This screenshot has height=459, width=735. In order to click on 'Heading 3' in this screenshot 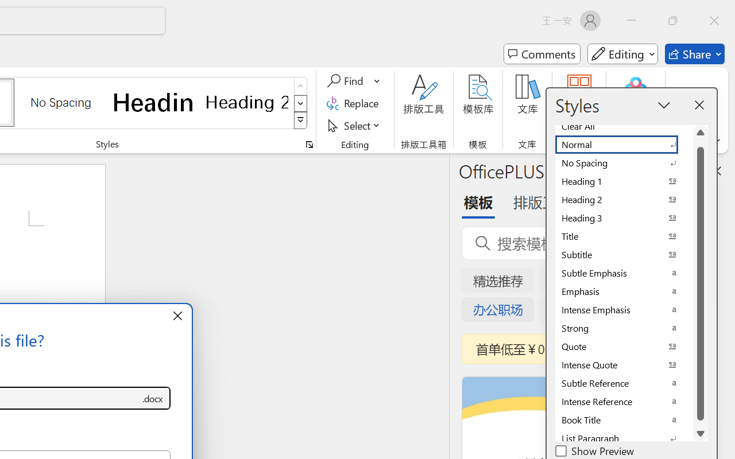, I will do `click(623, 217)`.